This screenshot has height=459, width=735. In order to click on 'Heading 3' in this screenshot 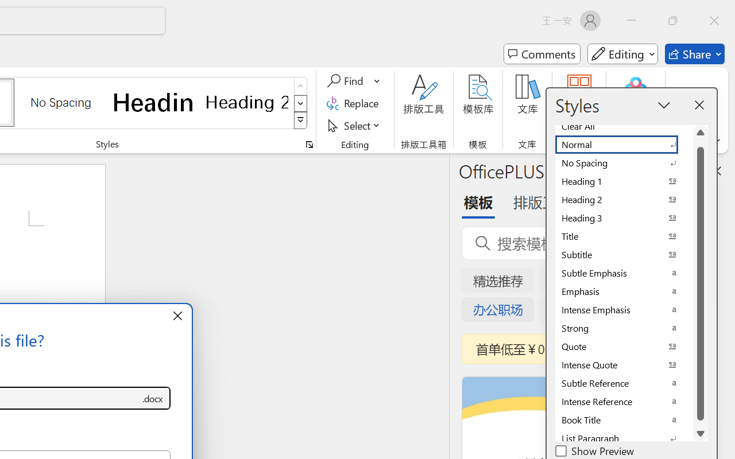, I will do `click(623, 217)`.